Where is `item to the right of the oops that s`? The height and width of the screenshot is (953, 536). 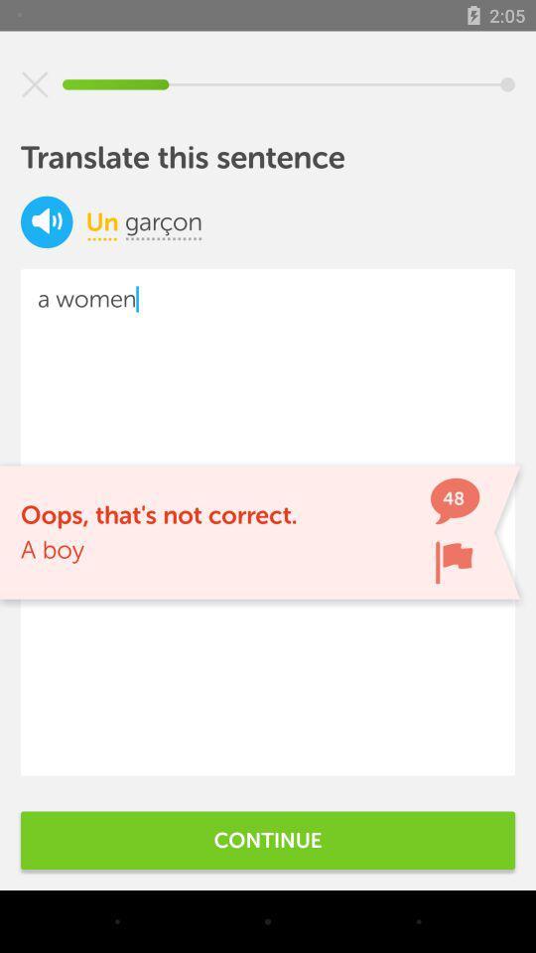 item to the right of the oops that s is located at coordinates (454, 562).